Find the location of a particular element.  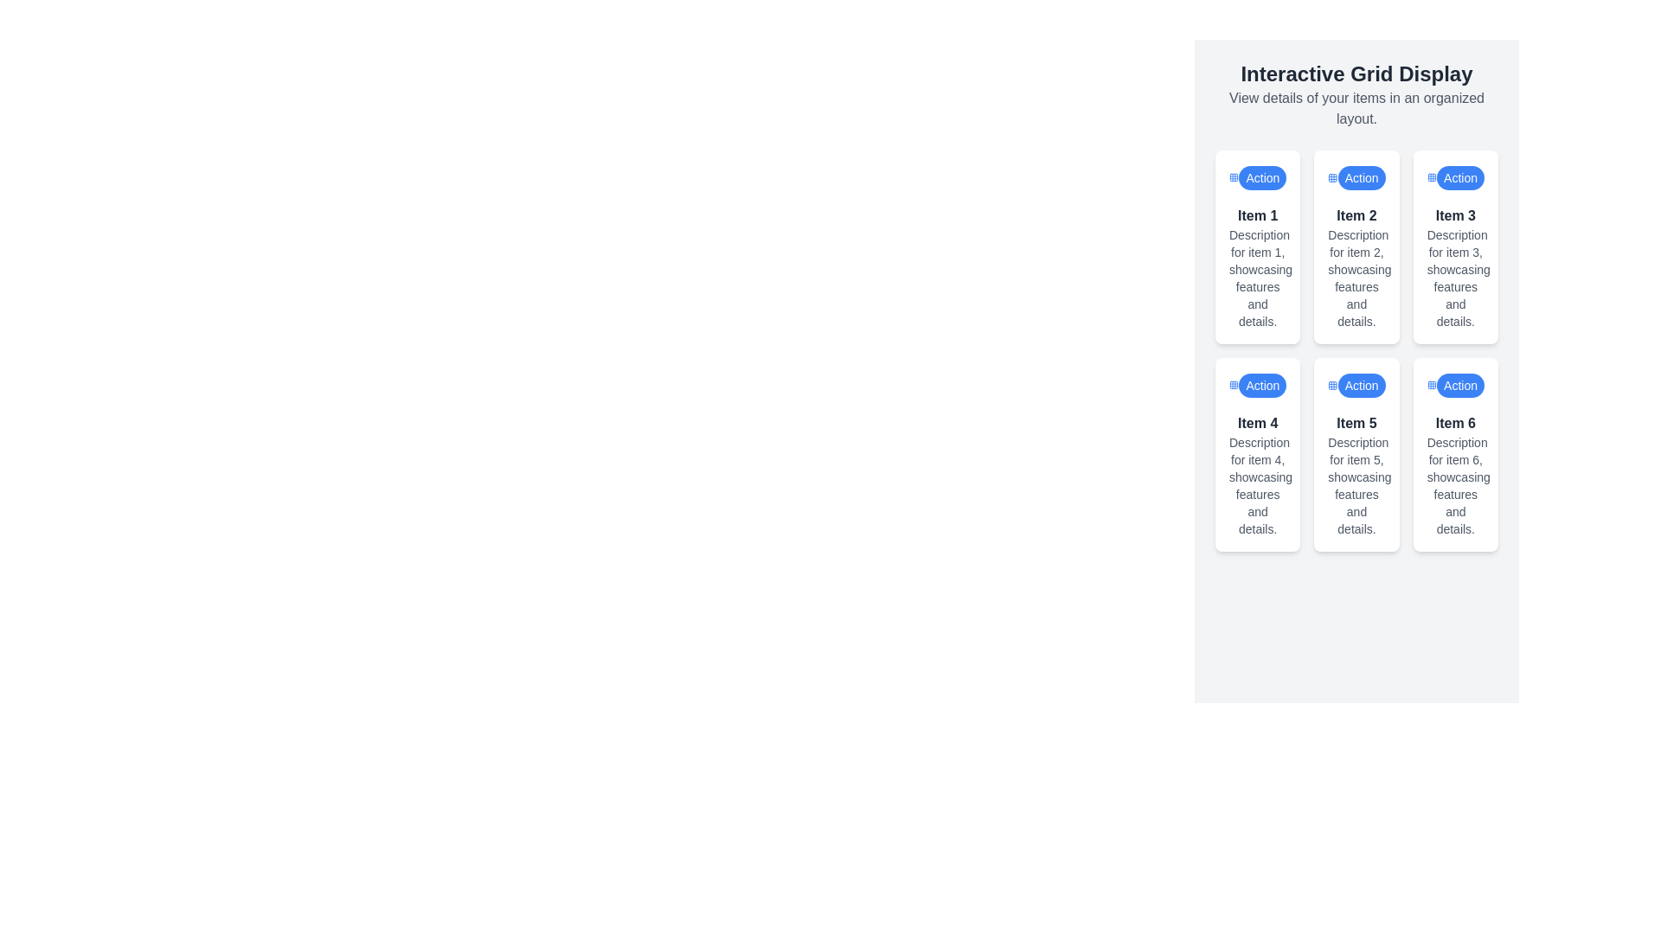

the graphical icon located at the top right of the third item card associated with 'Item 3' is located at coordinates (1432, 177).